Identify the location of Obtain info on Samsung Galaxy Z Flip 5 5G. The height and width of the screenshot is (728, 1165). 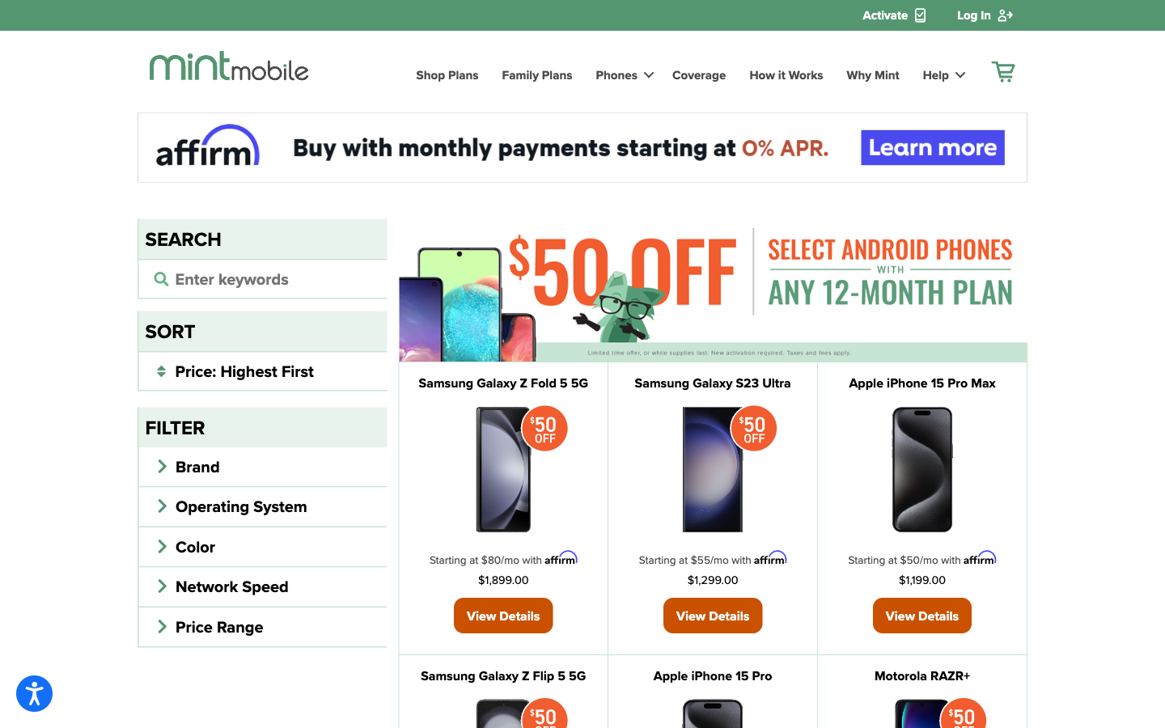
(502, 675).